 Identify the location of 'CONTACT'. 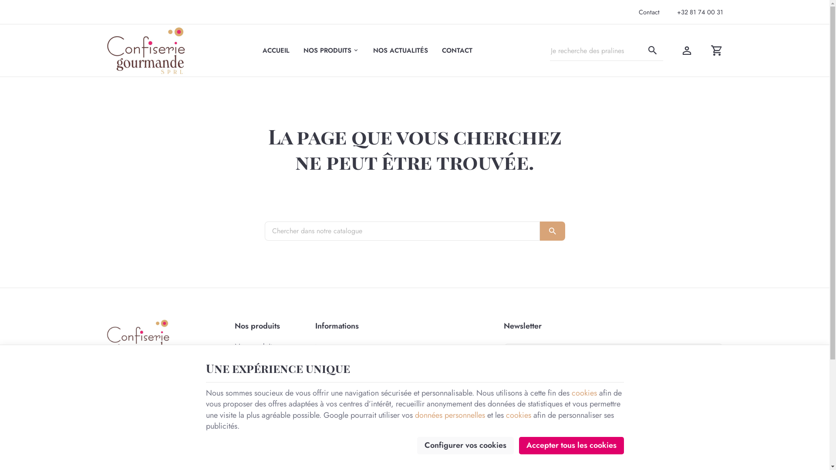
(457, 50).